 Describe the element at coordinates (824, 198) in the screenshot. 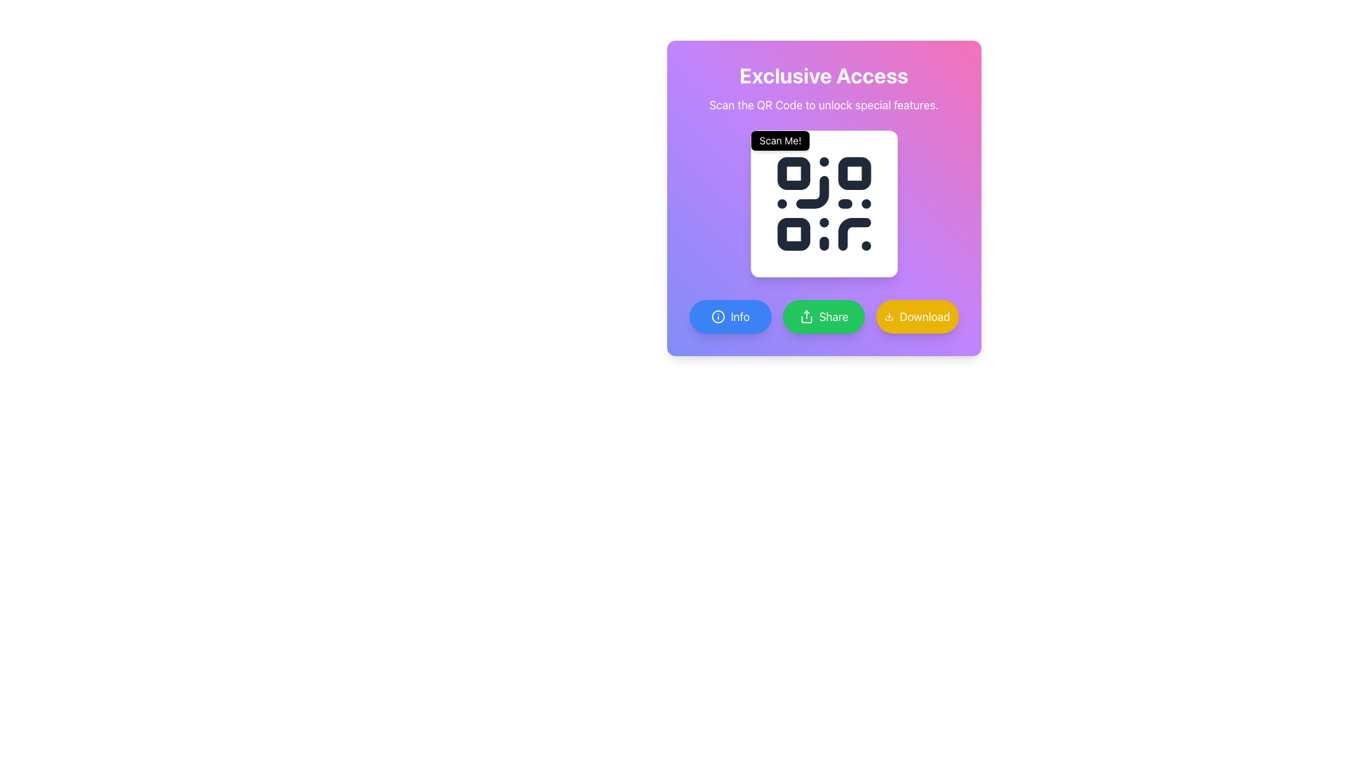

I see `the QR code located at the center of the gradient background card, which is positioned between the title 'Exclusive Access' and the action buttons 'Info,' 'Share,' and 'Download' to scan it with a compatible device` at that location.